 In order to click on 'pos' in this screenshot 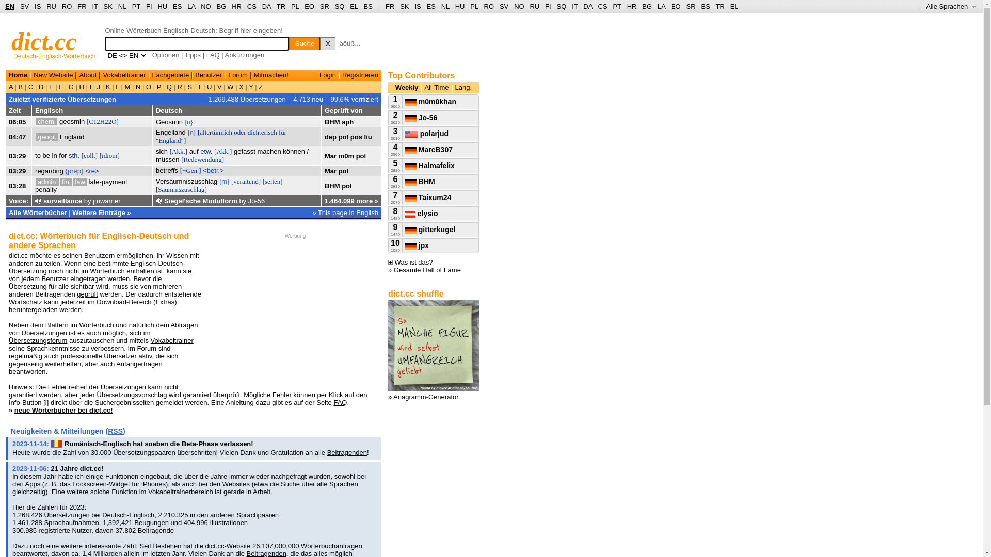, I will do `click(356, 136)`.